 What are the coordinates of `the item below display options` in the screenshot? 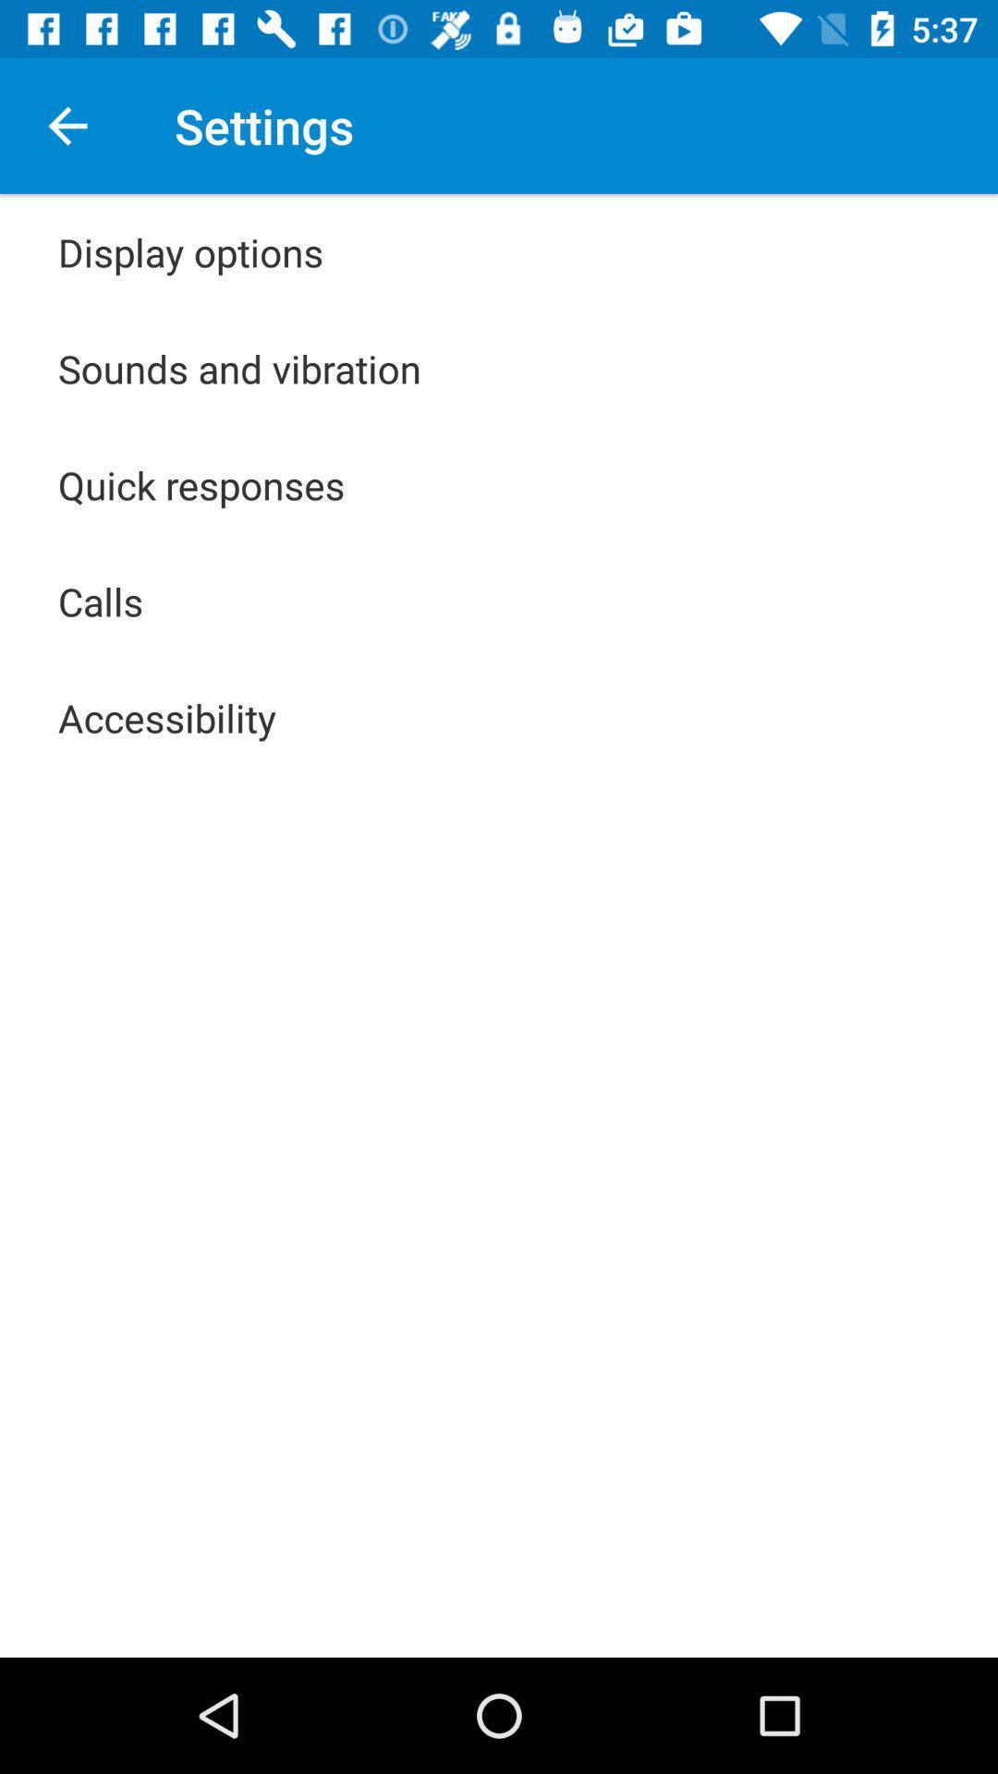 It's located at (238, 368).